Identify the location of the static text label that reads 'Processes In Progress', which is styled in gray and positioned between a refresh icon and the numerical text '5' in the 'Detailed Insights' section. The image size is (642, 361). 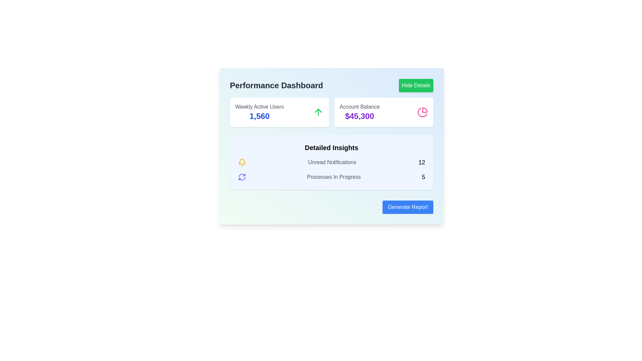
(334, 176).